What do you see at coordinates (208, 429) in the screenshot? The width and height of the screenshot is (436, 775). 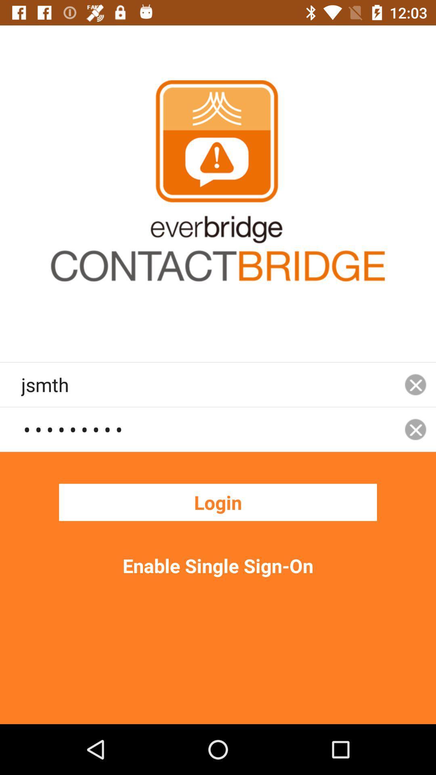 I see `the icon below jsmth item` at bounding box center [208, 429].